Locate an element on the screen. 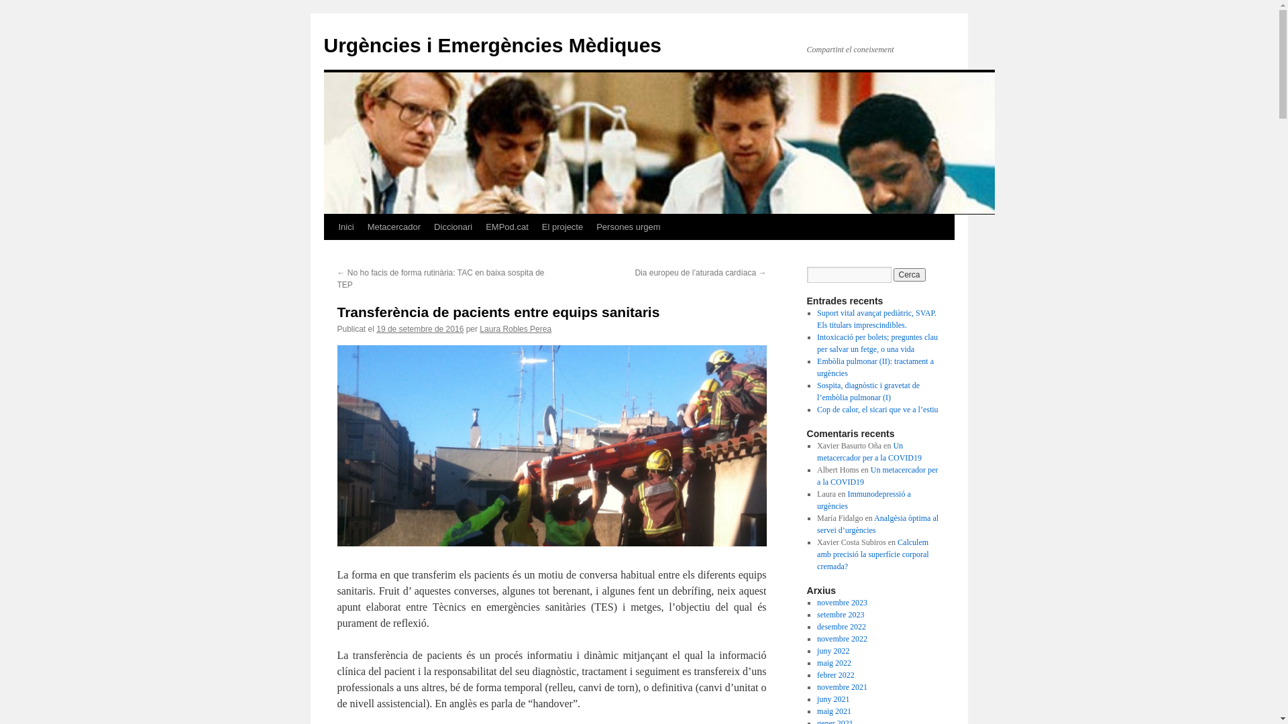  'maig 2022' is located at coordinates (816, 662).